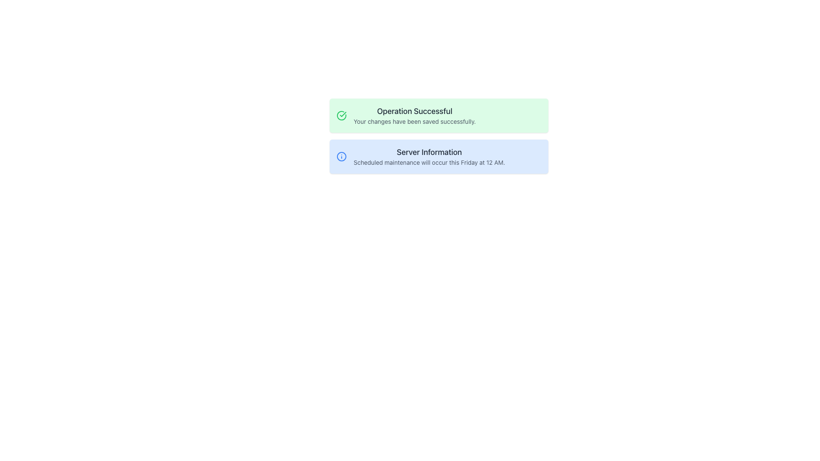  I want to click on the text display element that shows 'Operation Successful' and 'Your changes have been saved successfully' within a green notification box, so click(415, 115).